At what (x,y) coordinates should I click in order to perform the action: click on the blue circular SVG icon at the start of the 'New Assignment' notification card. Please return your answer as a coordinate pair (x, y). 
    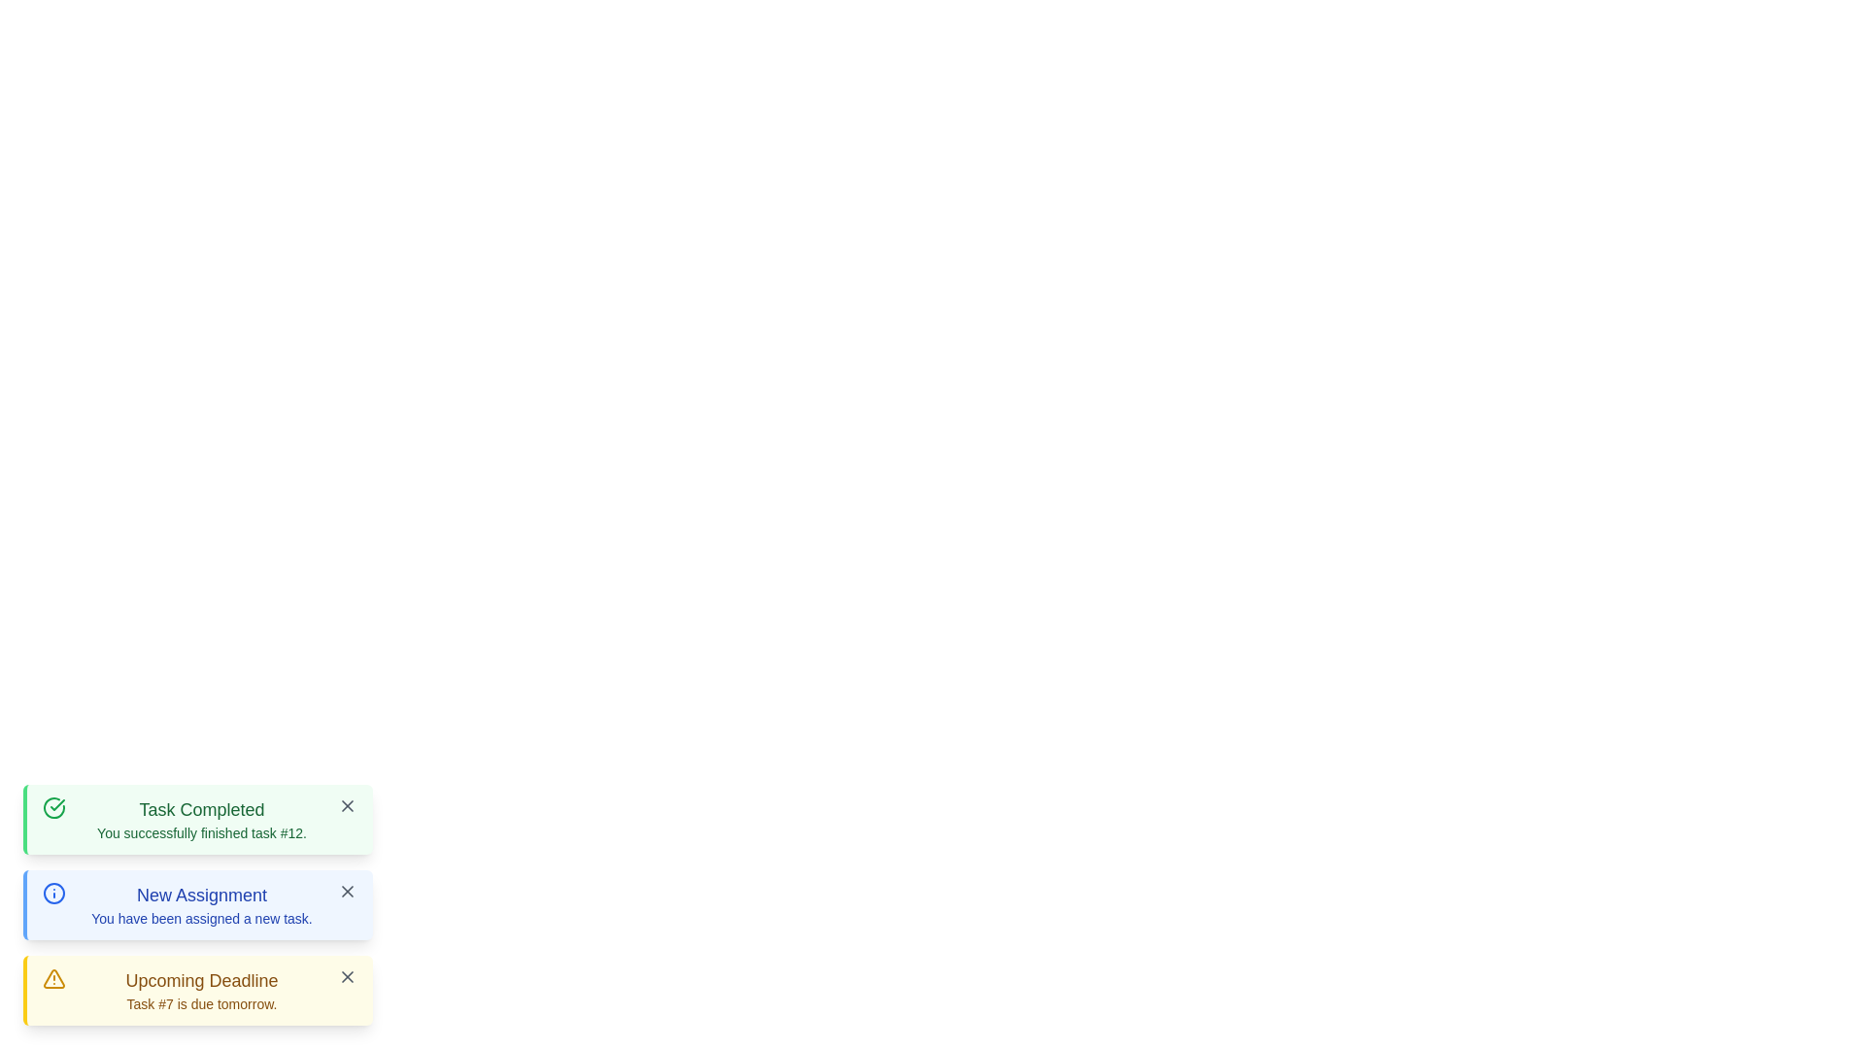
    Looking at the image, I should click on (54, 894).